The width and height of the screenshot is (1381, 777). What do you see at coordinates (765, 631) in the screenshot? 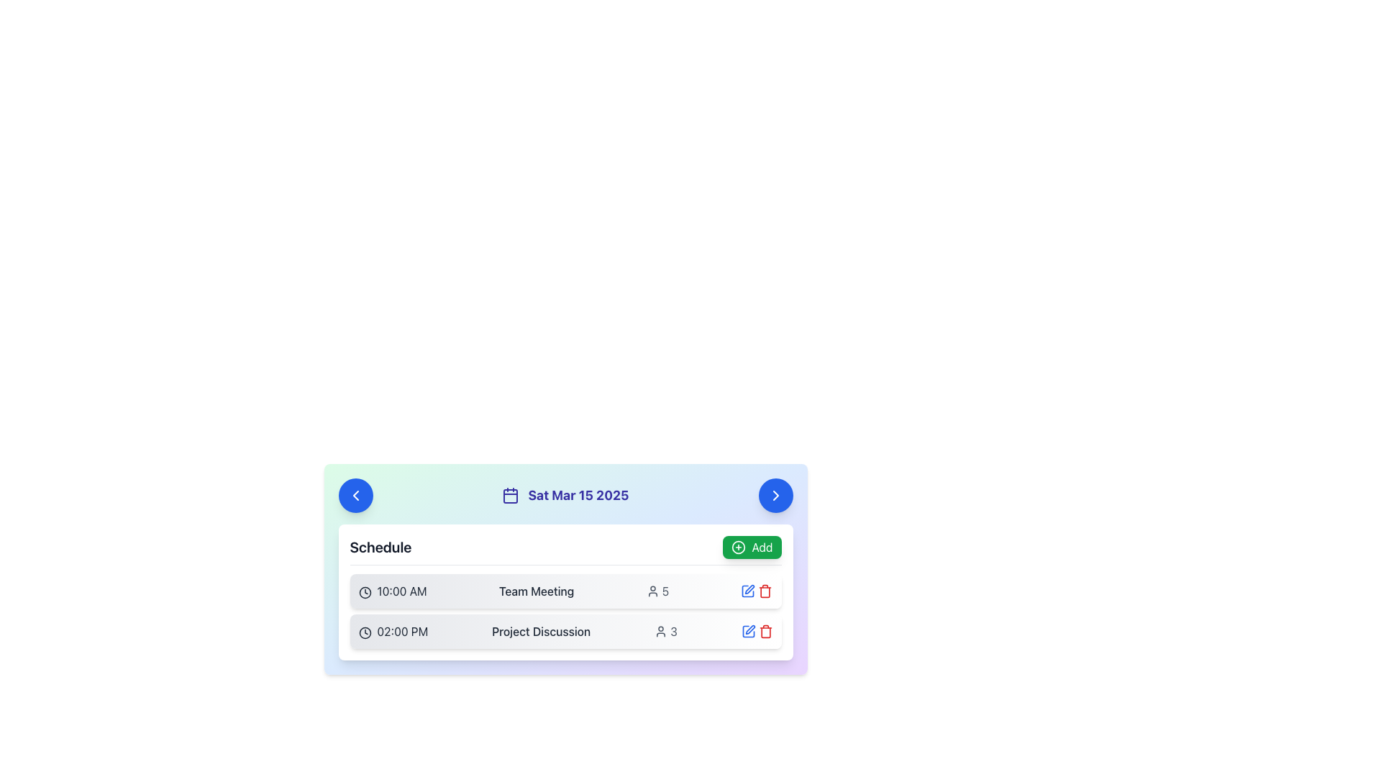
I see `the delete button located on the right side of the second row` at bounding box center [765, 631].